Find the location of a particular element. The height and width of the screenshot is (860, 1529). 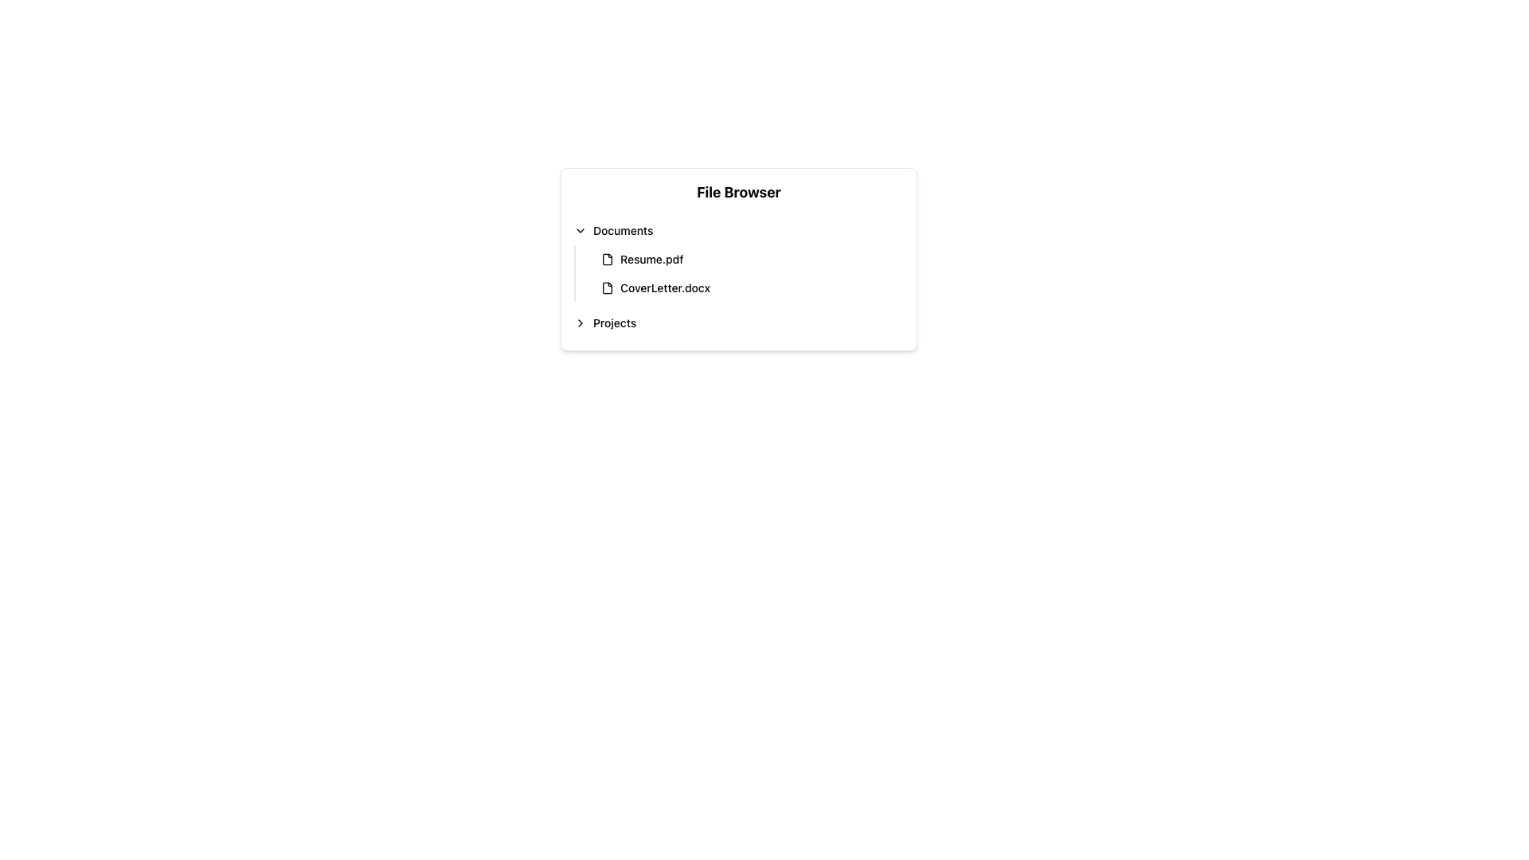

the 'CoverLetter.docx' file item, which is the second item under the 'Documents' section is located at coordinates (745, 288).